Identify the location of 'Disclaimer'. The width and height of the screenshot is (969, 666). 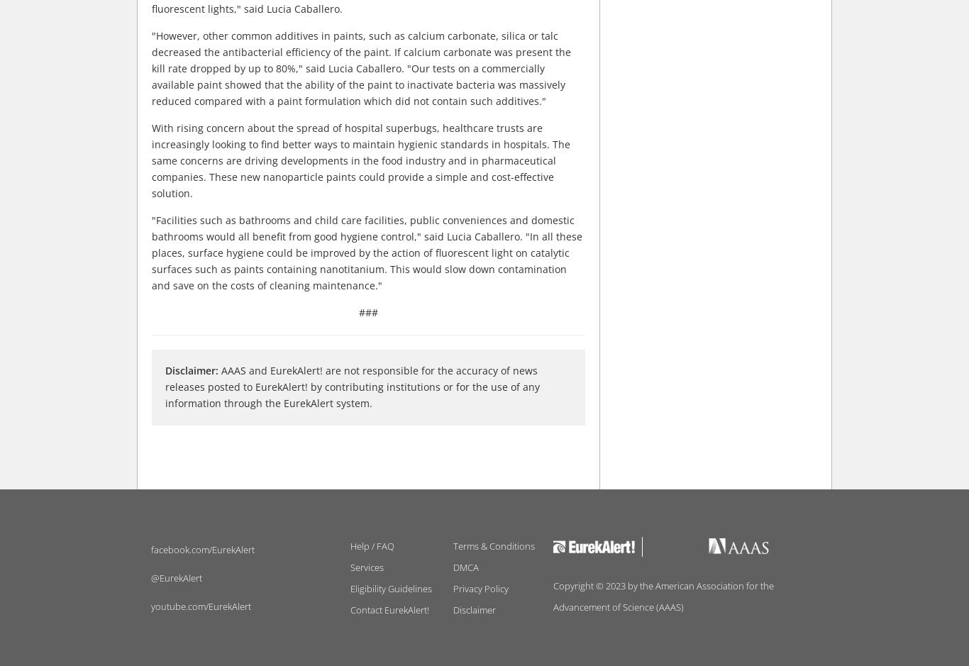
(453, 608).